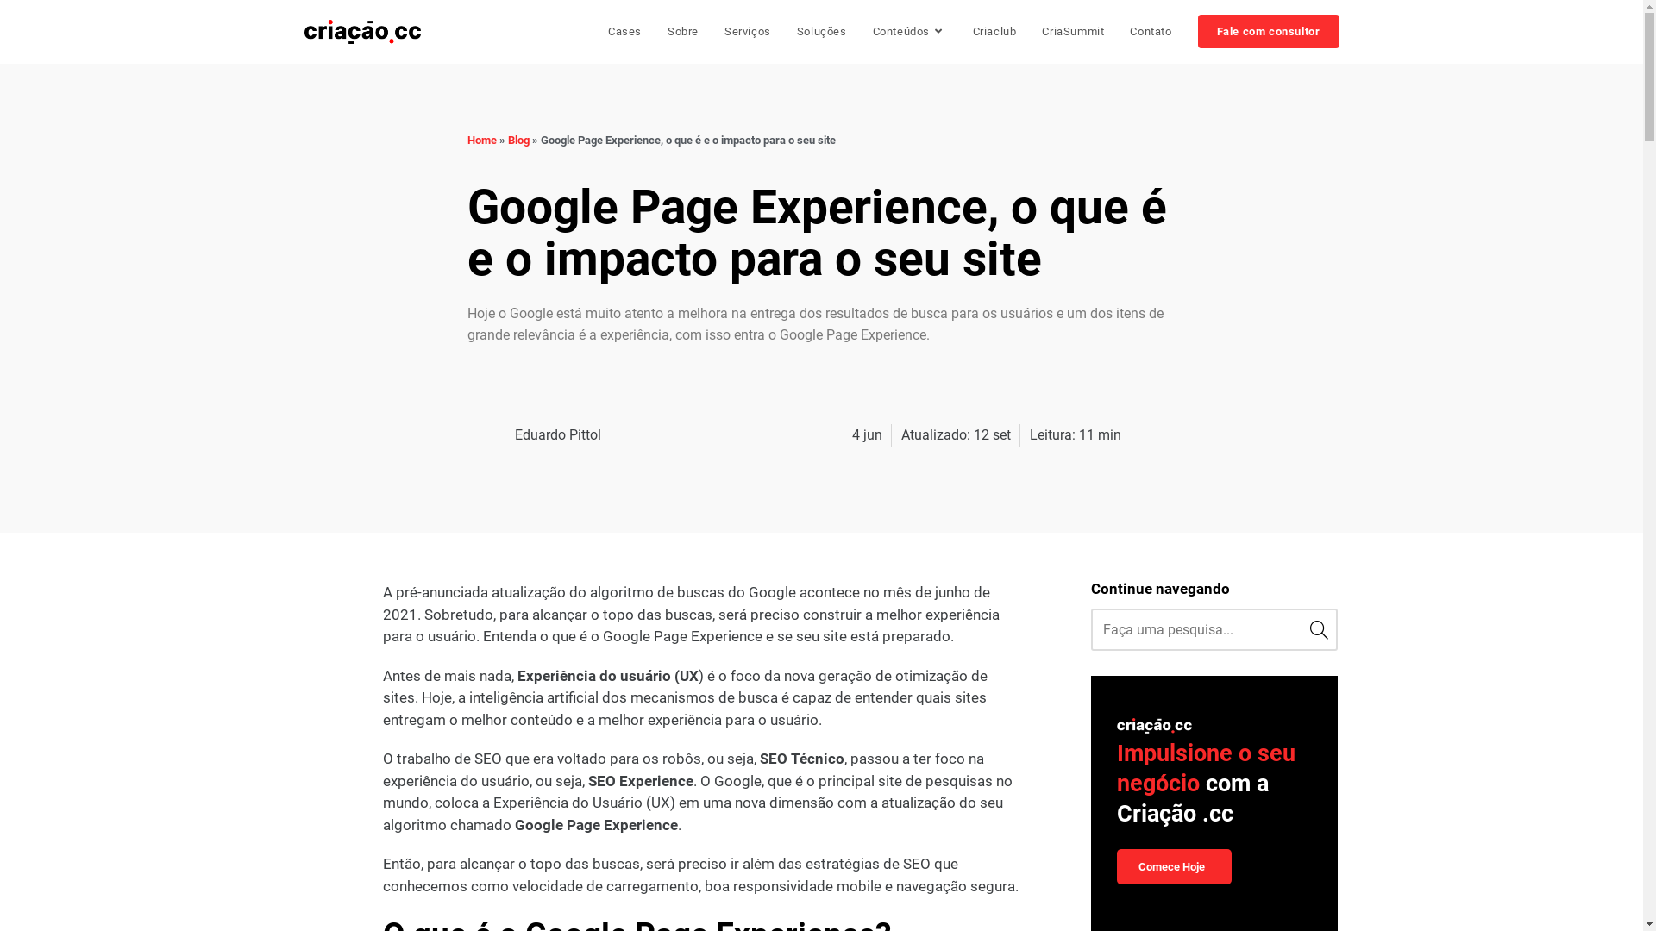 The width and height of the screenshot is (1656, 931). I want to click on 'Home', so click(467, 139).